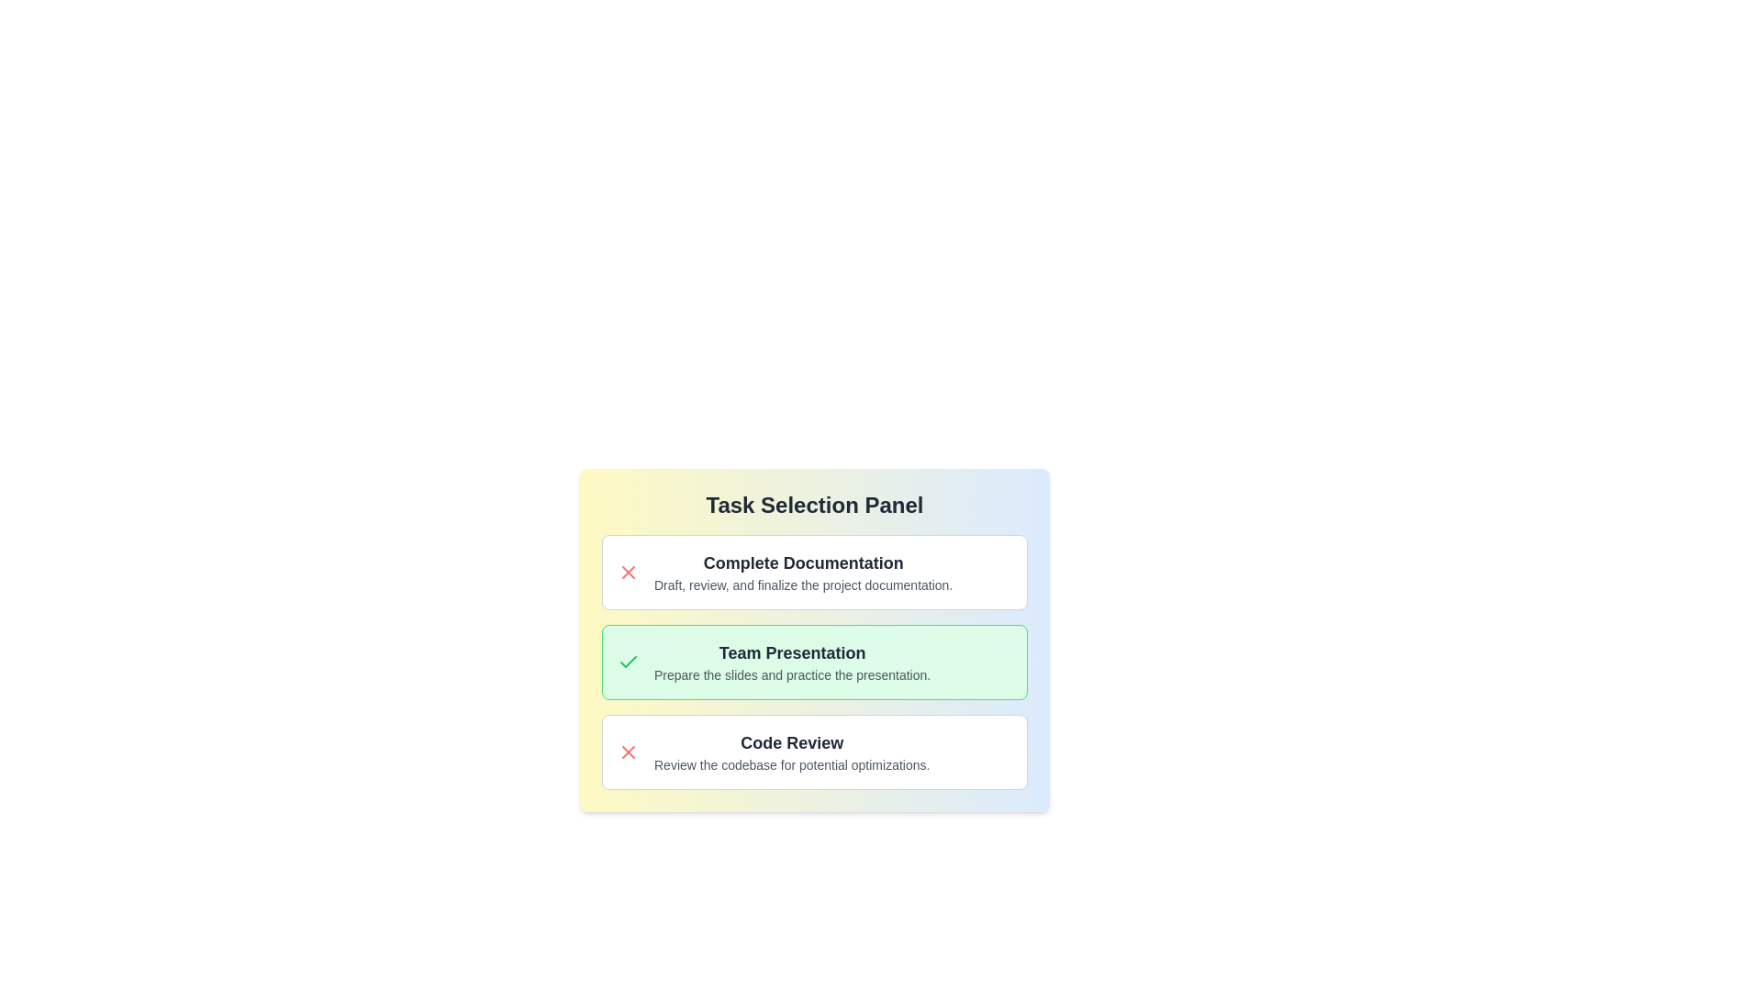 This screenshot has height=991, width=1762. Describe the element at coordinates (803, 572) in the screenshot. I see `the 'Complete Documentation' label, which is the first item in the 'Task Selection Panel' and contains the title and subtitle formatted in different styles` at that location.